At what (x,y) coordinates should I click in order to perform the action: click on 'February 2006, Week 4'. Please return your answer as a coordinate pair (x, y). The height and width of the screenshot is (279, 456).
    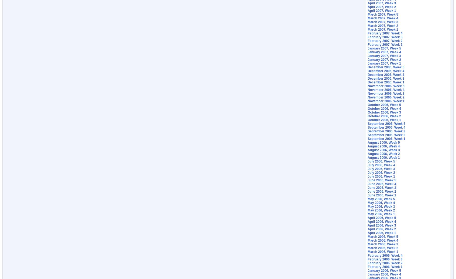
    Looking at the image, I should click on (385, 255).